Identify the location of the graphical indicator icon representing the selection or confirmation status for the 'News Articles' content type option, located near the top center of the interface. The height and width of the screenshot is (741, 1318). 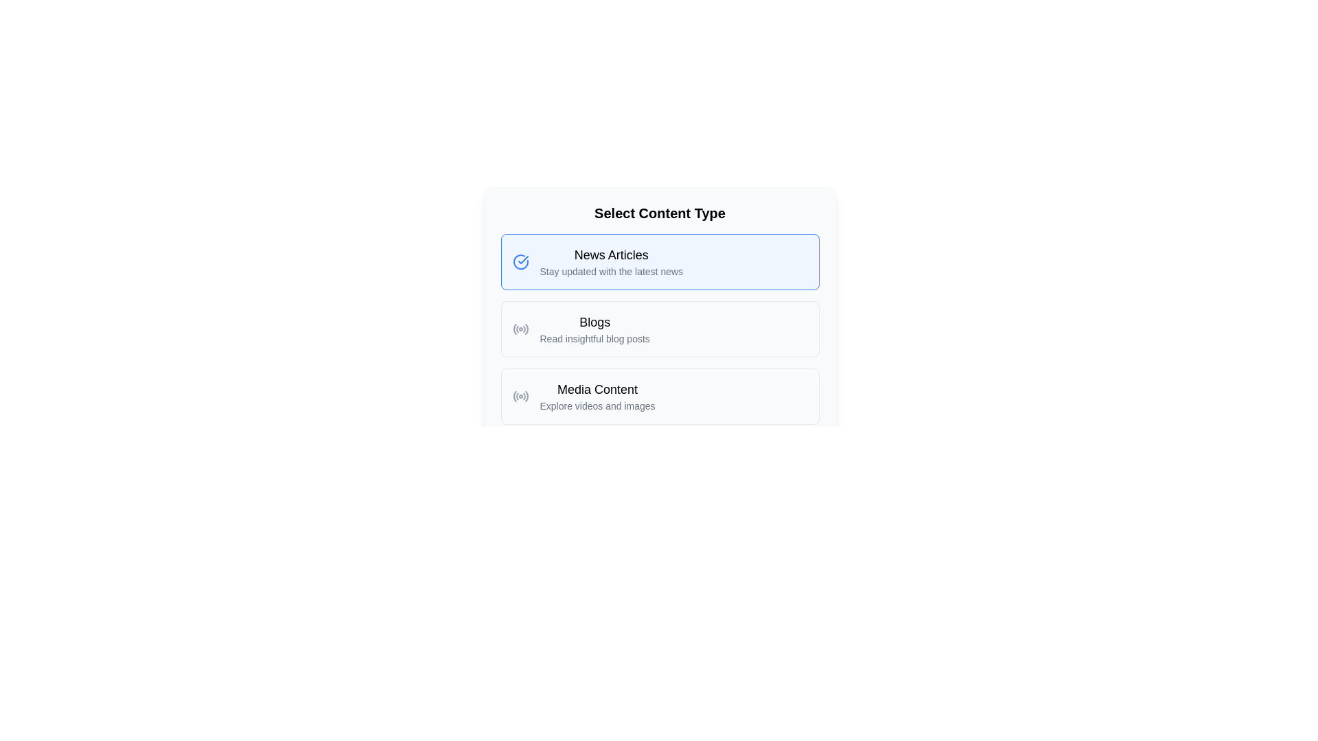
(522, 259).